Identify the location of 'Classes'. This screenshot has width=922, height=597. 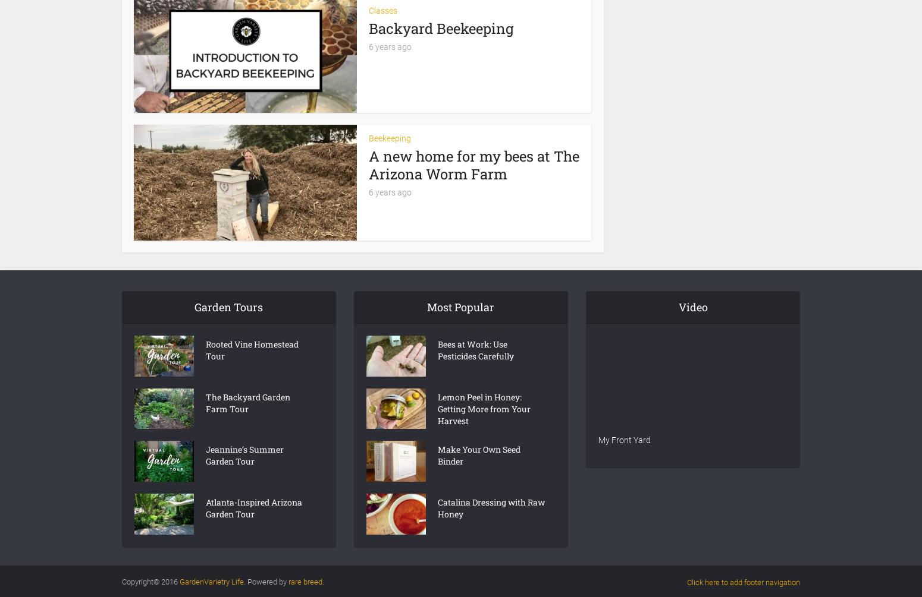
(382, 10).